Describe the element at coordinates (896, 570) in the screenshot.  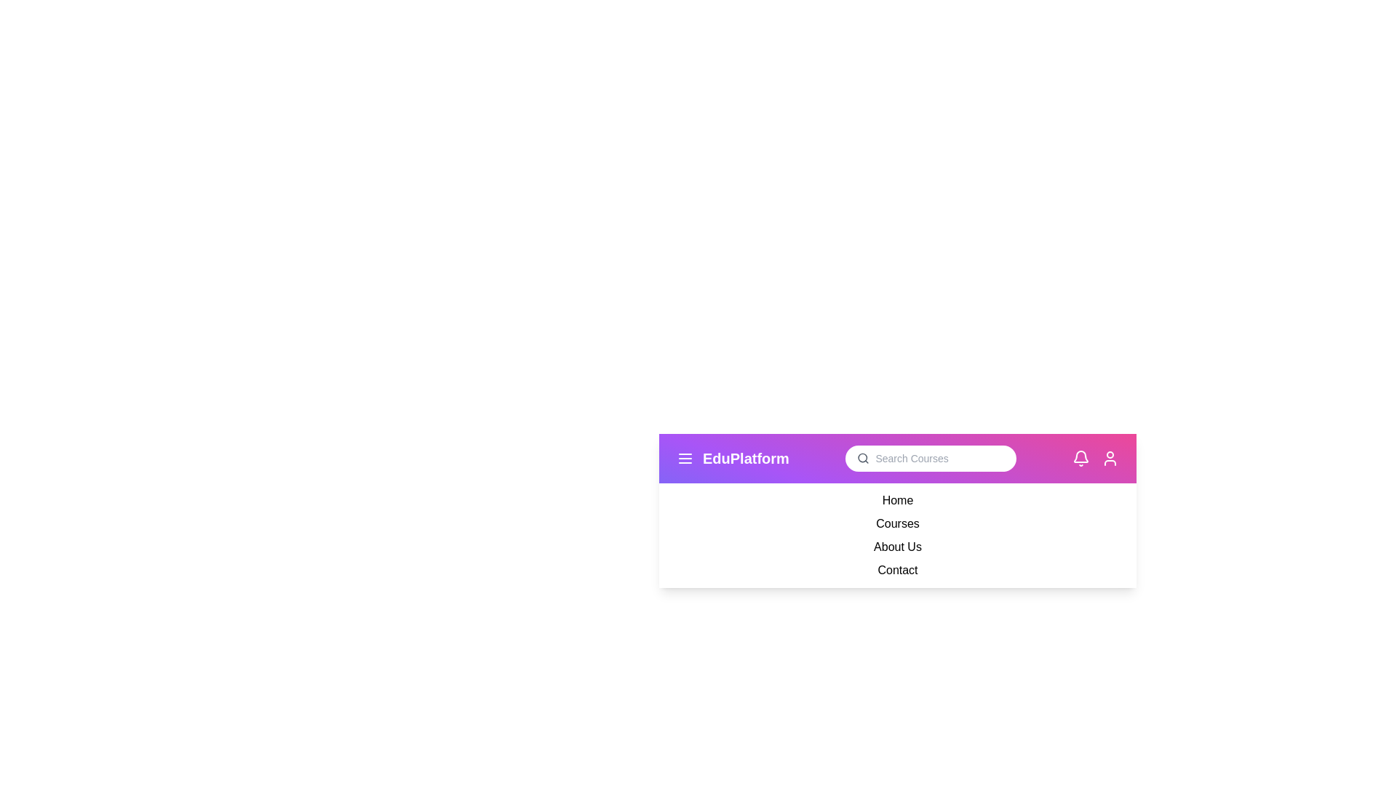
I see `the dropdown menu item Contact` at that location.